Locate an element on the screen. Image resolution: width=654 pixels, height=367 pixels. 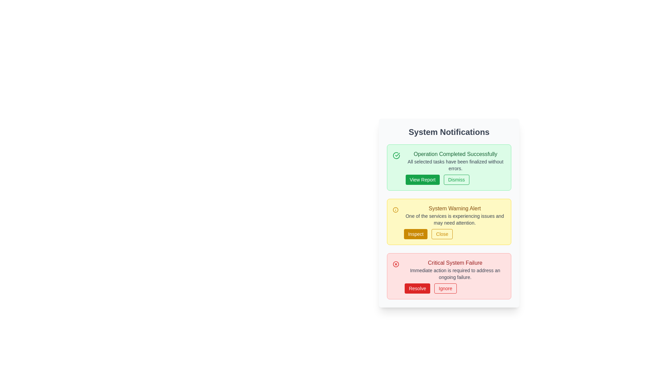
the critical system failure text label located at the top of the third notification card in the 'System Notifications' section, which is highlighted in red is located at coordinates (455, 263).